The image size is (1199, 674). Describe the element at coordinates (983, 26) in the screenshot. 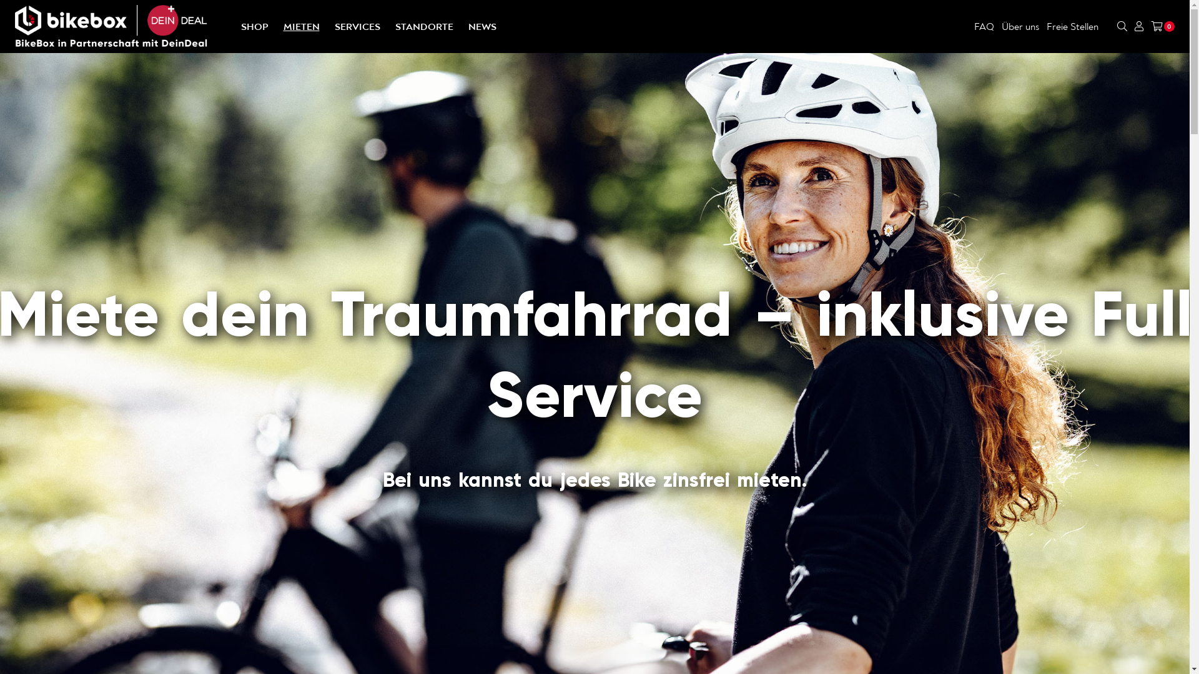

I see `'FAQ'` at that location.